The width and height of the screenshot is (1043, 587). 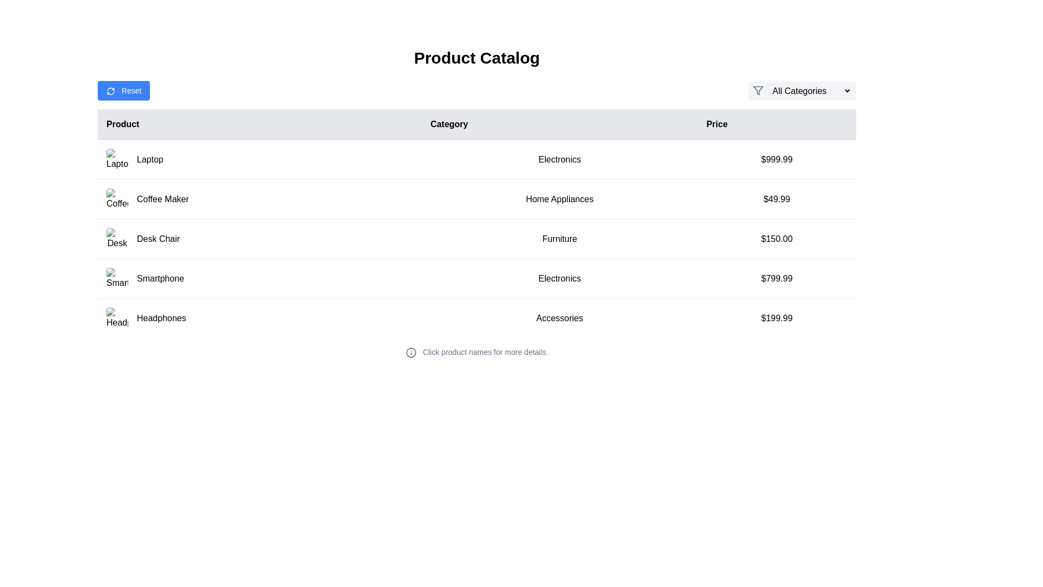 I want to click on the text content of the static label displaying the price of the 'Desk Chair' located in the 'Price' column of the product catalog table, so click(x=776, y=238).